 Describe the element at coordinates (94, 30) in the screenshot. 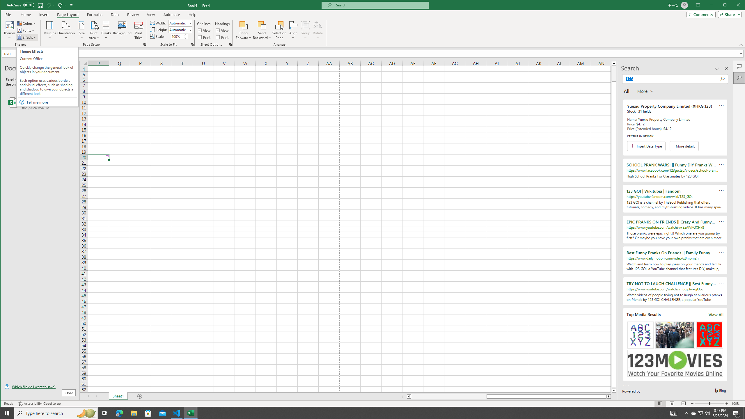

I see `'Print Area'` at that location.